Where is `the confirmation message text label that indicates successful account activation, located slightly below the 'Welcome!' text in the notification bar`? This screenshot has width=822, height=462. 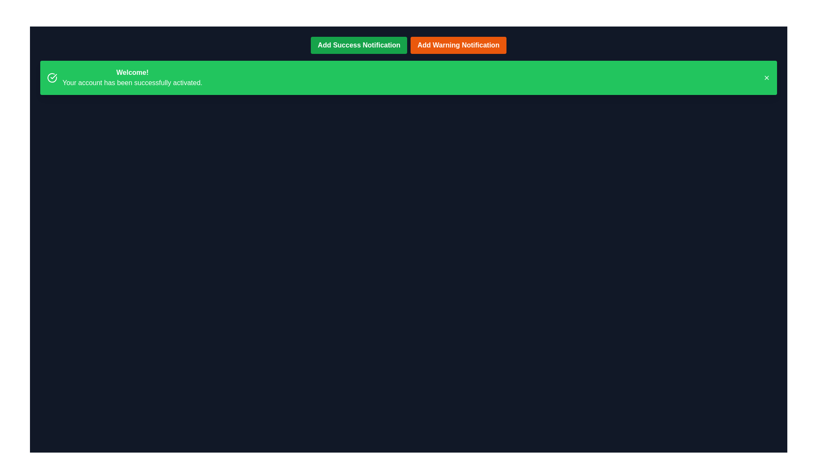 the confirmation message text label that indicates successful account activation, located slightly below the 'Welcome!' text in the notification bar is located at coordinates (132, 83).